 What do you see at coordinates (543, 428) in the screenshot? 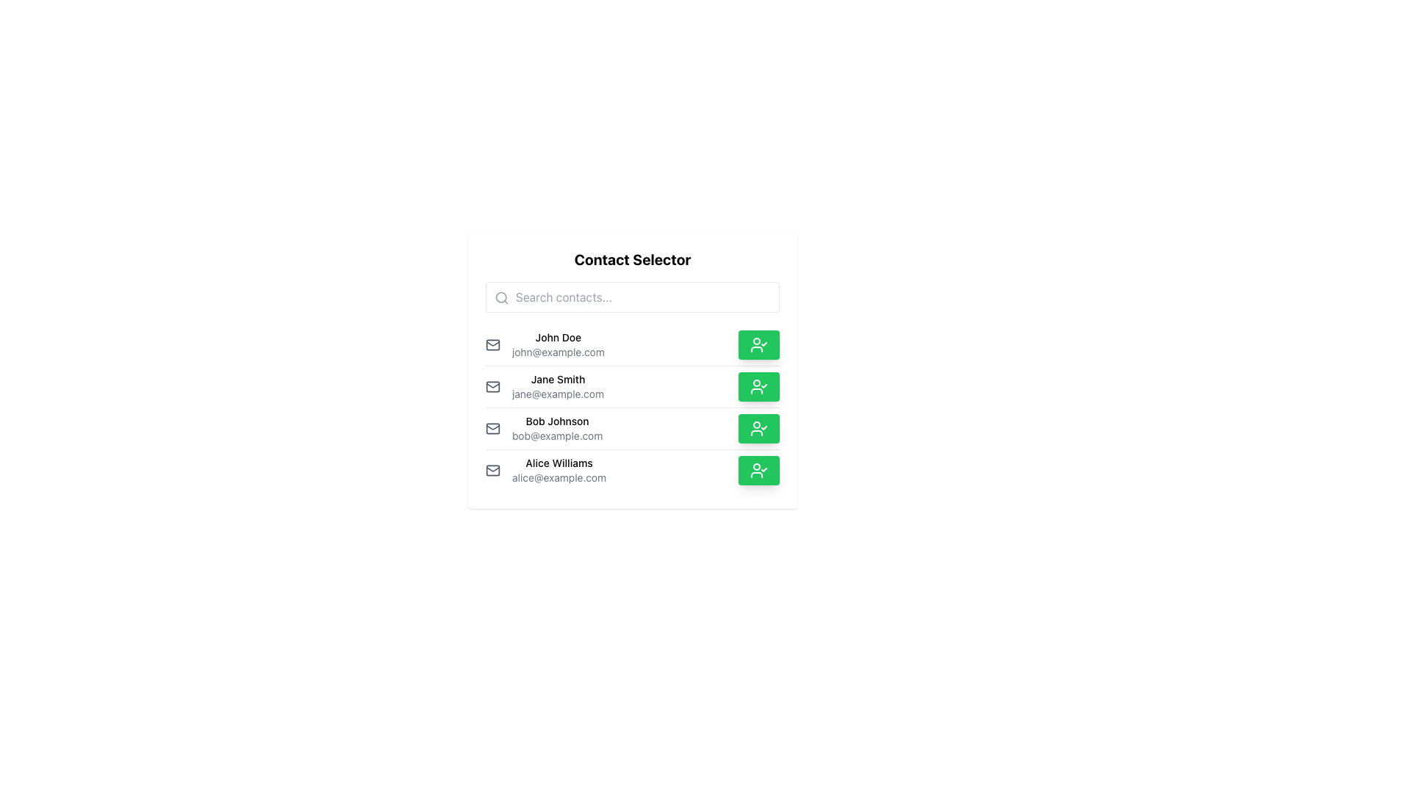
I see `the contact information element displaying 'Bob Johnson' and 'bob@example.com'` at bounding box center [543, 428].